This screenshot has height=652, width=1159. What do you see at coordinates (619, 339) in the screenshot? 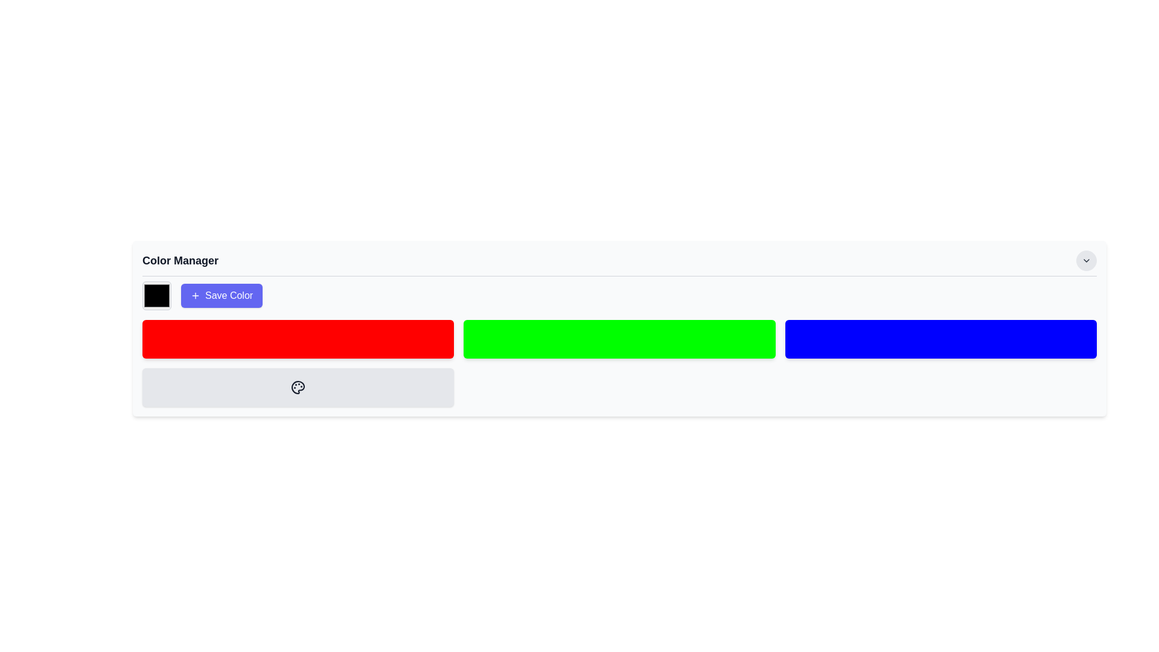
I see `the vividly green rectangular block with rounded corners located between a red block on the left and a blue block on the right in the grid layout` at bounding box center [619, 339].